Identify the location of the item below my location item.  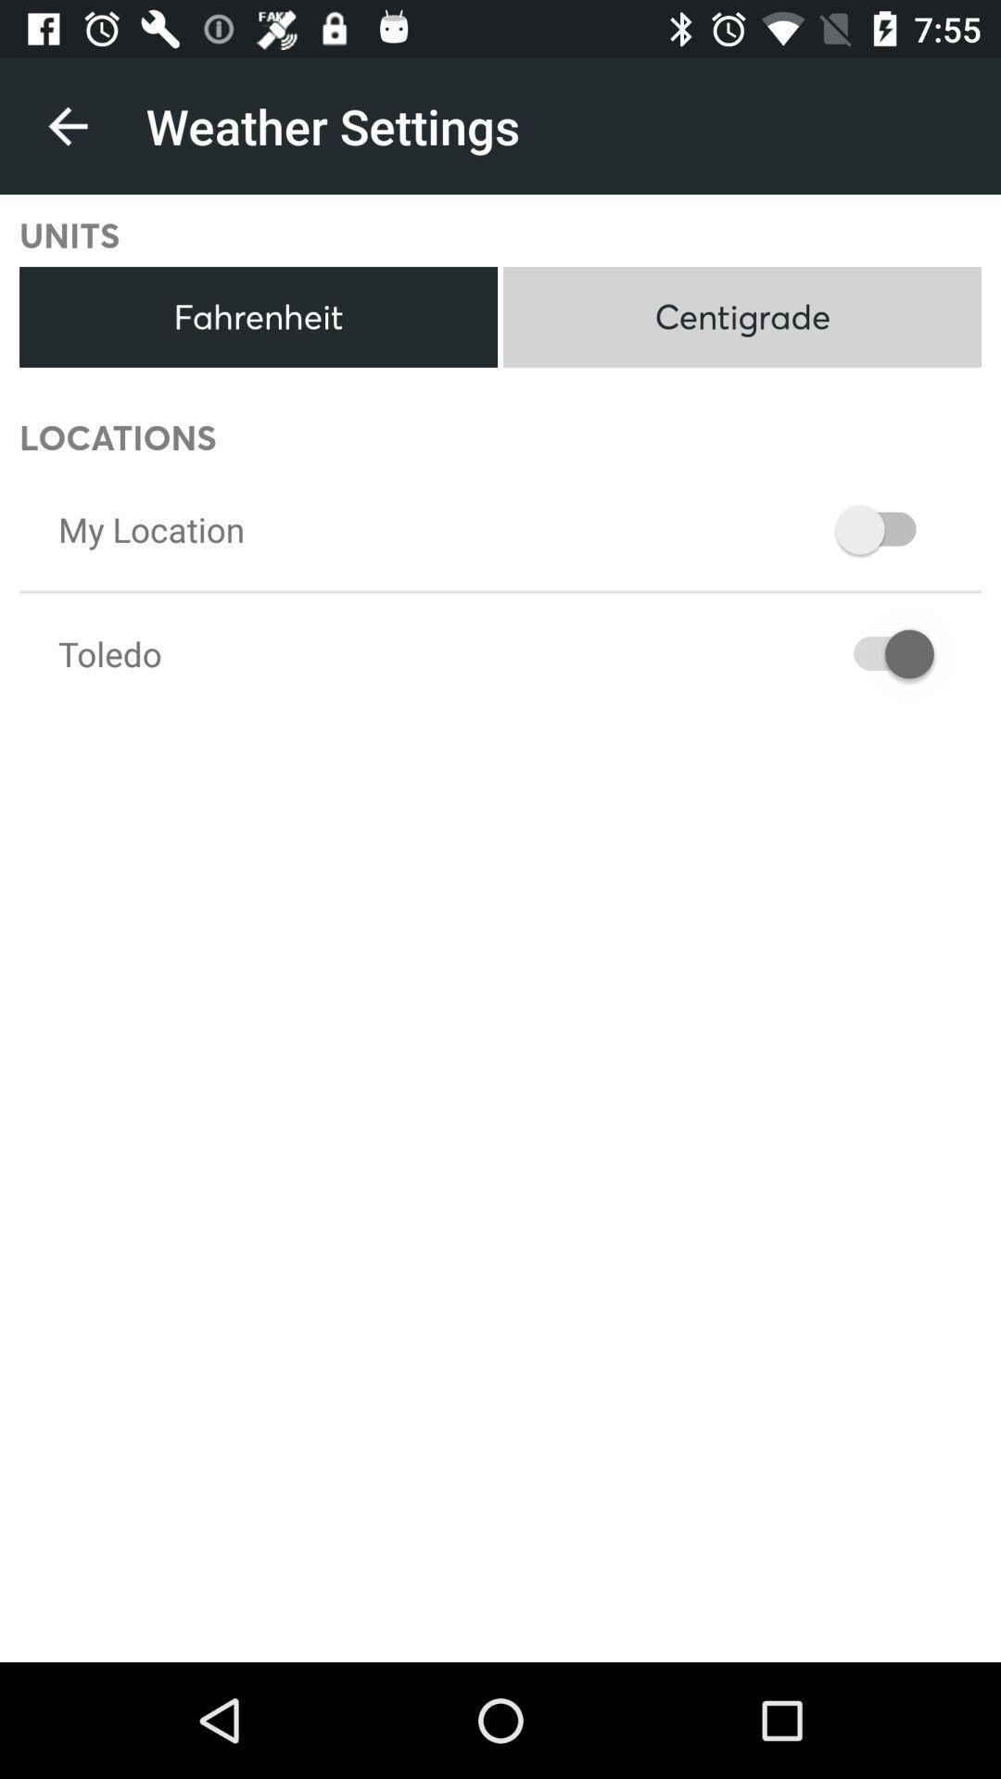
(109, 653).